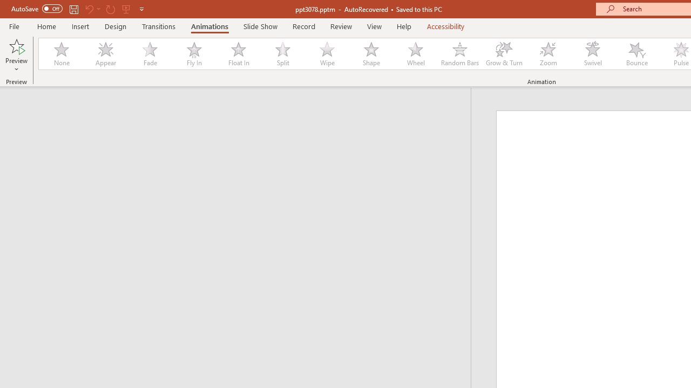  What do you see at coordinates (105, 54) in the screenshot?
I see `'Appear'` at bounding box center [105, 54].